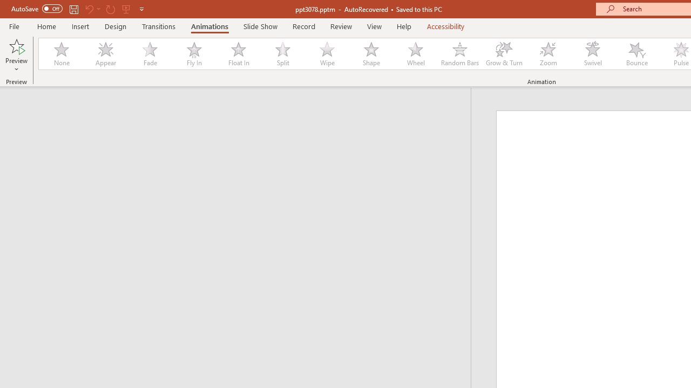  What do you see at coordinates (105, 54) in the screenshot?
I see `'Appear'` at bounding box center [105, 54].